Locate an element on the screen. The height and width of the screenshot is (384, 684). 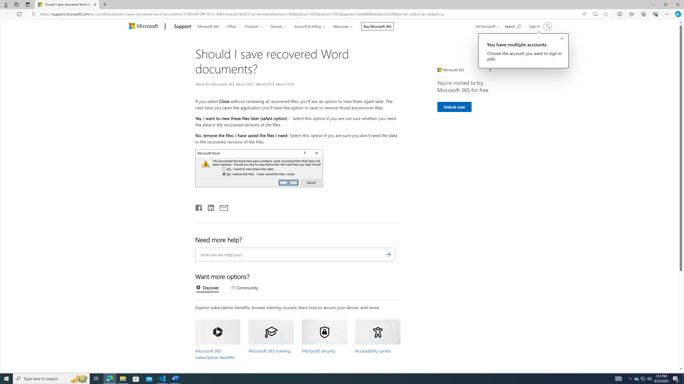
'Unlock now' is located at coordinates (454, 107).